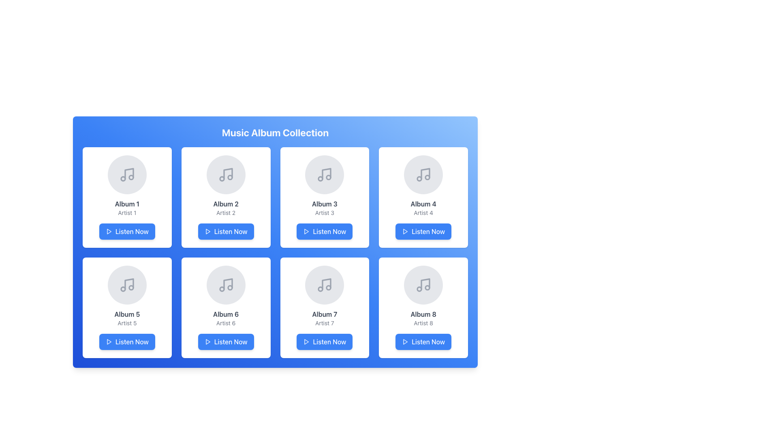 This screenshot has width=778, height=438. I want to click on the music icon located within the circular region of the 'Album 8' card in the bottom-right corner of the album collection interface, so click(423, 284).